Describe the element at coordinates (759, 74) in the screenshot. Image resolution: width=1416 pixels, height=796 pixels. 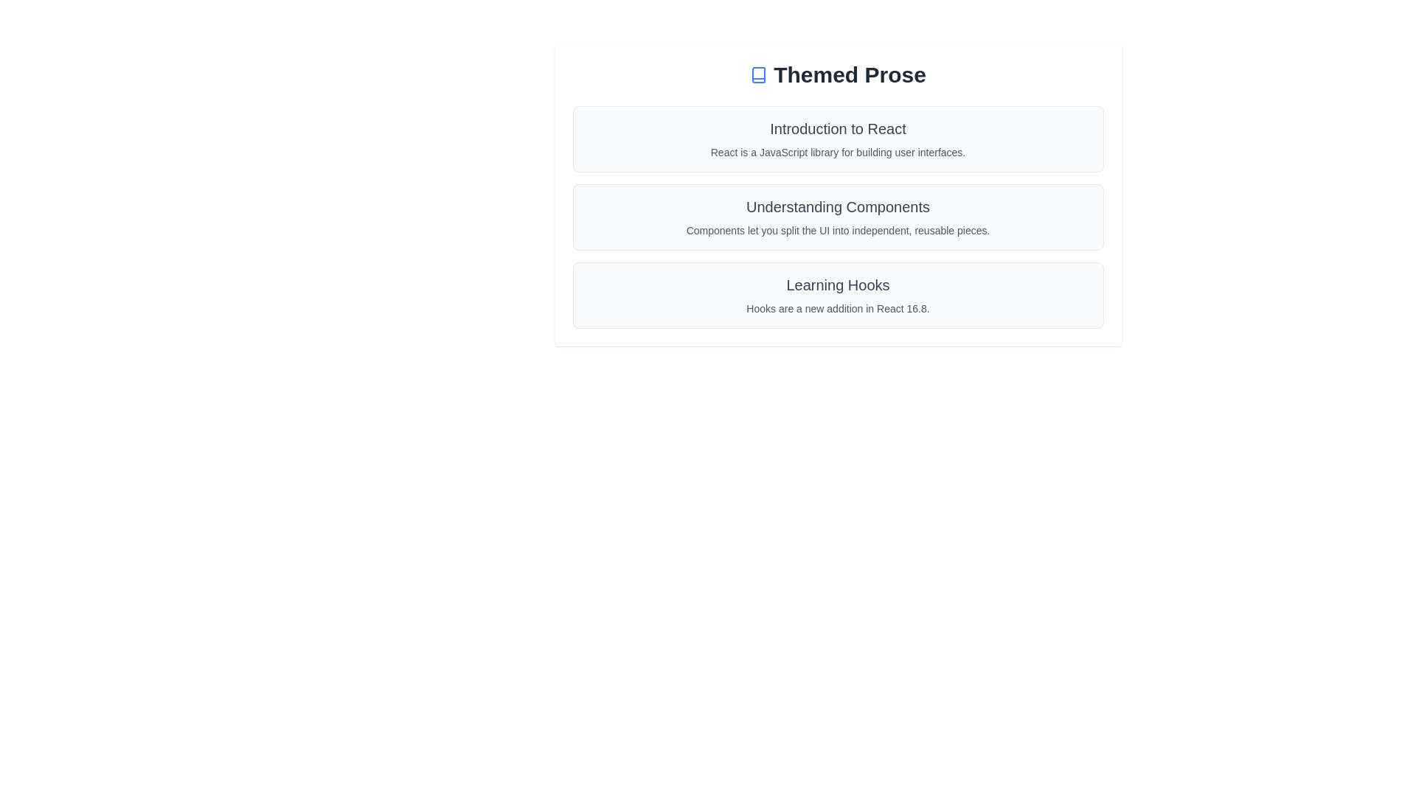
I see `the decorative SVG icon representing a 'book' located to the left of the text 'Themed Prose'` at that location.